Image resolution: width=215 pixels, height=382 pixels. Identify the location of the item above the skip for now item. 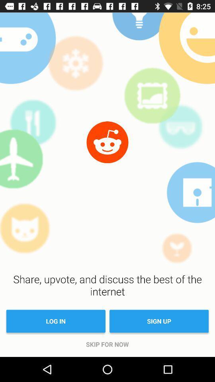
(159, 321).